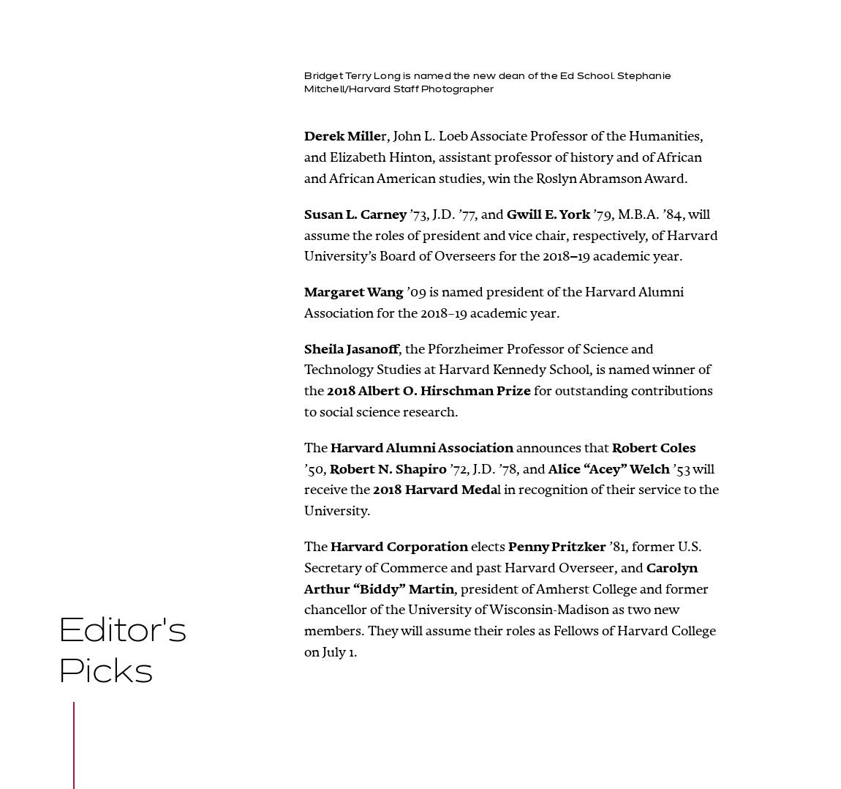  What do you see at coordinates (317, 468) in the screenshot?
I see `'’50,'` at bounding box center [317, 468].